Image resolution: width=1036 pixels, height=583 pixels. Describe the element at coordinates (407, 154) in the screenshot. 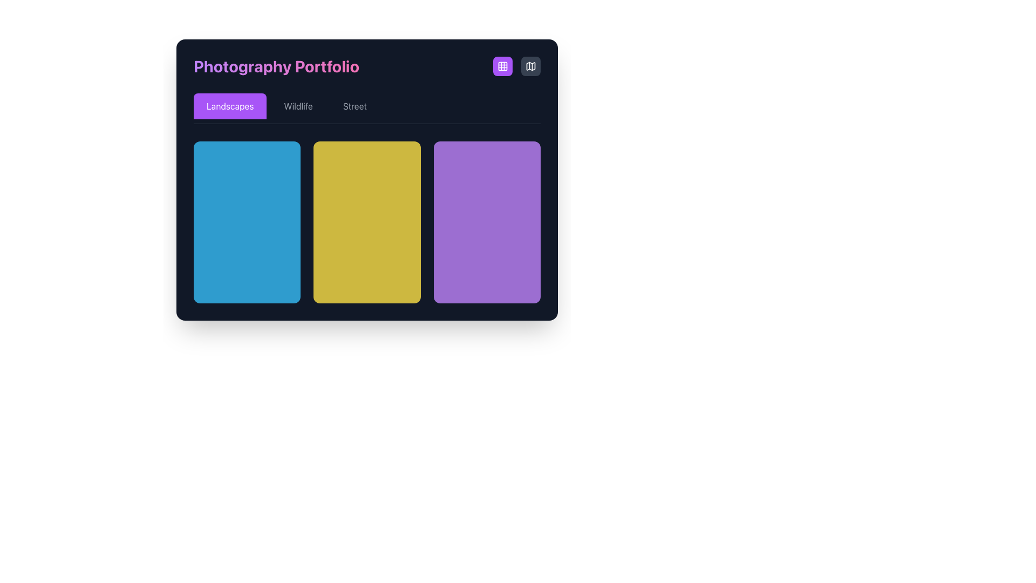

I see `the second circle in a horizontal pair, which serves as a decorative or status-indicating visual element located towards the center-right of the interface` at that location.